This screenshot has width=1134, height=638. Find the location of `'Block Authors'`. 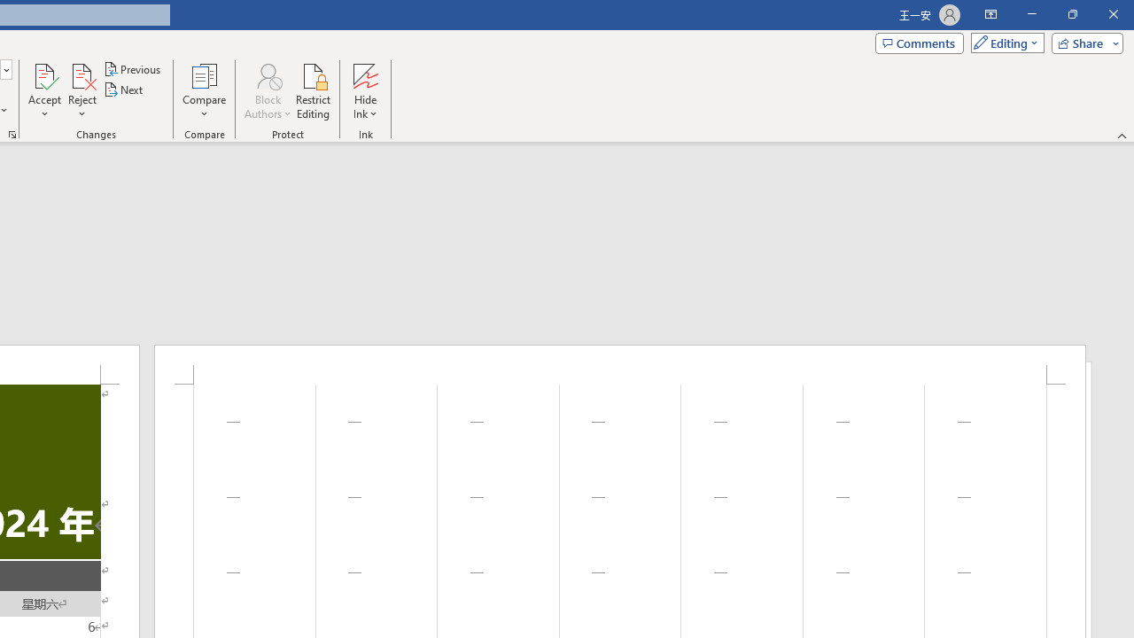

'Block Authors' is located at coordinates (267, 74).